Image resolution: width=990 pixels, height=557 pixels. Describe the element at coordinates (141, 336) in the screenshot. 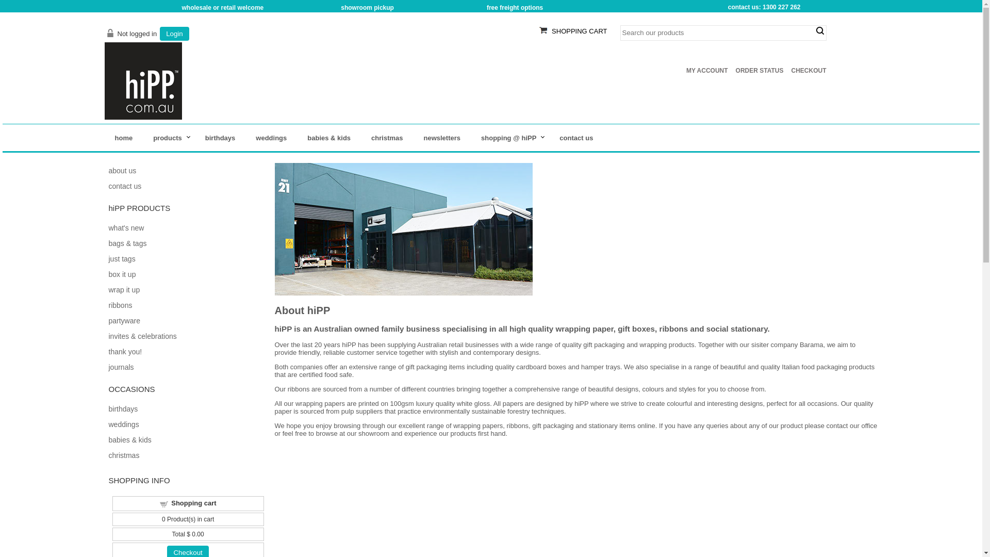

I see `'invites & celebrations'` at that location.